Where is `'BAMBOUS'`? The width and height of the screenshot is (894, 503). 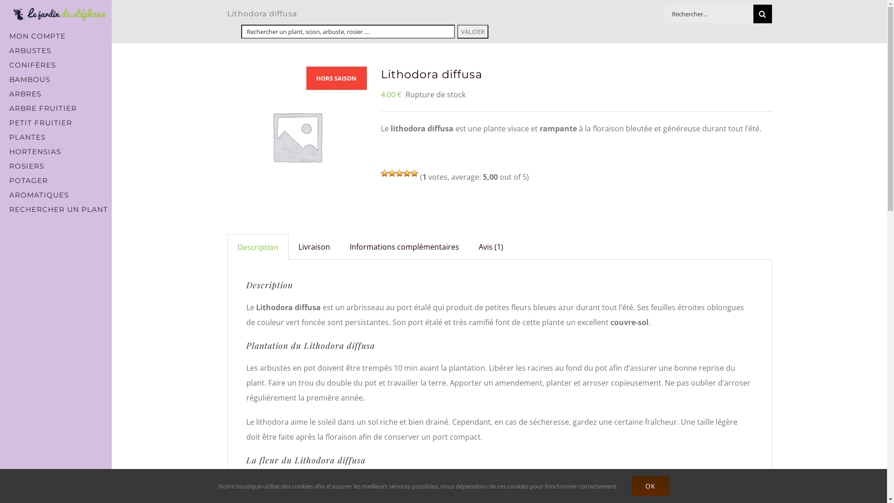 'BAMBOUS' is located at coordinates (55, 79).